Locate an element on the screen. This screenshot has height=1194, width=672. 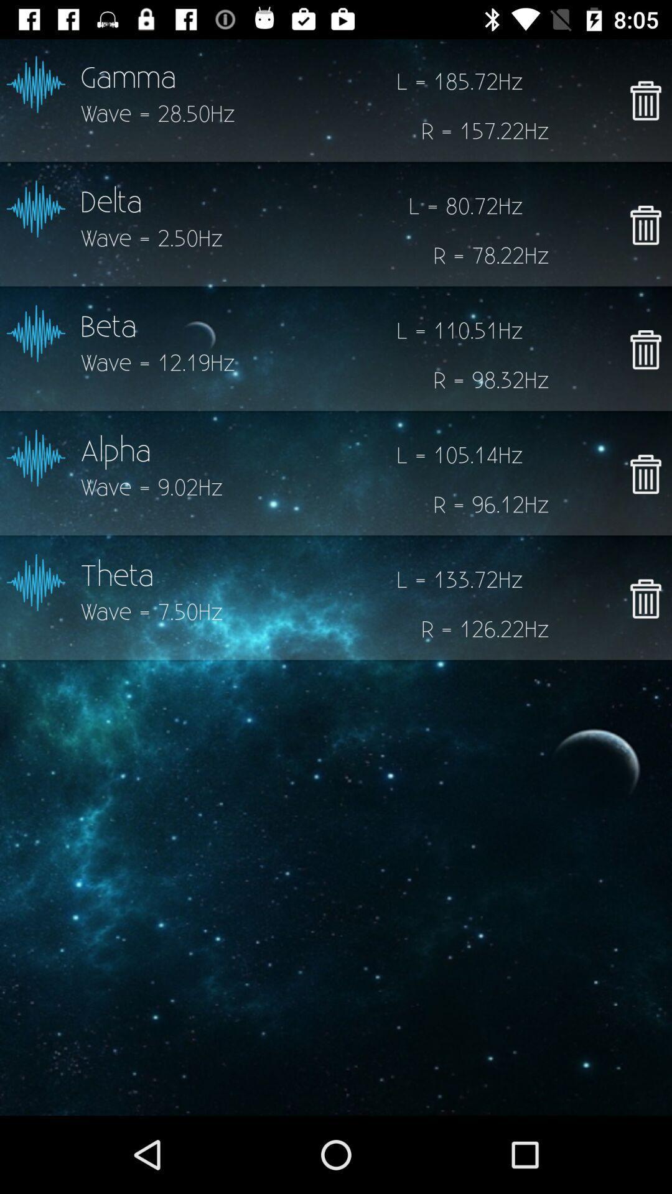
delete icon is located at coordinates (645, 349).